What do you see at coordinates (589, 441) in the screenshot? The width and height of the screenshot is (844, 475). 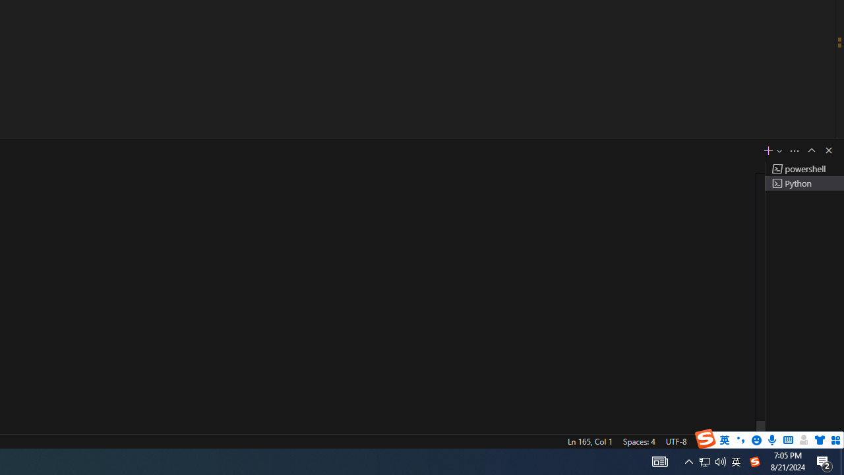 I see `'Ln 165, Col 1'` at bounding box center [589, 441].